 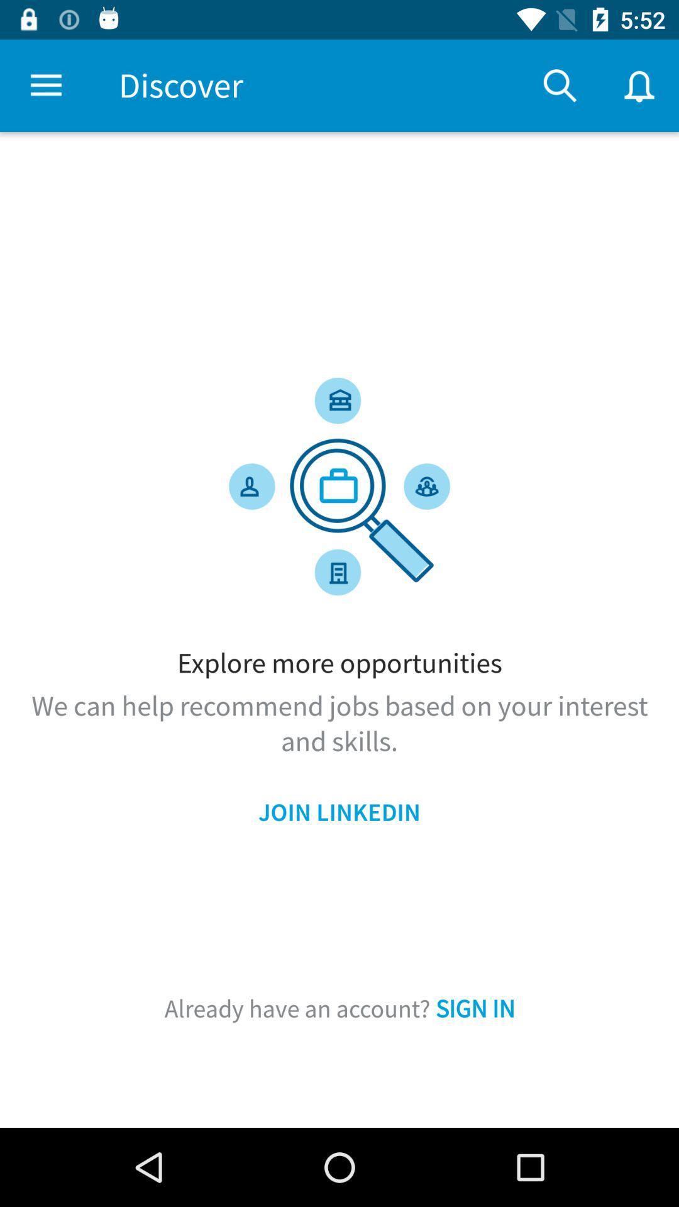 What do you see at coordinates (560, 85) in the screenshot?
I see `icon to the right of the discover icon` at bounding box center [560, 85].